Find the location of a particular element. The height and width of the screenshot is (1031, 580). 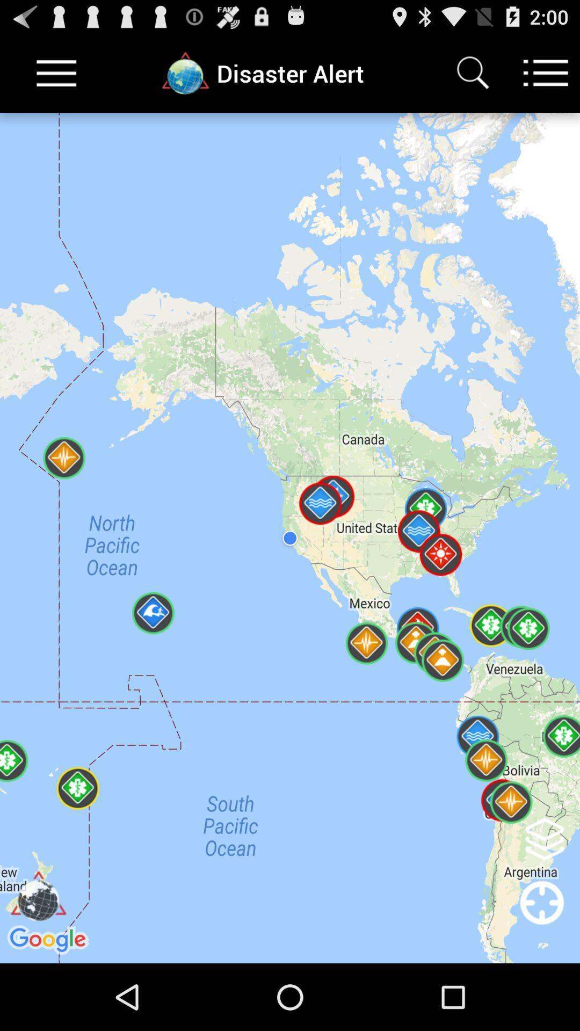

menu is located at coordinates (56, 72).